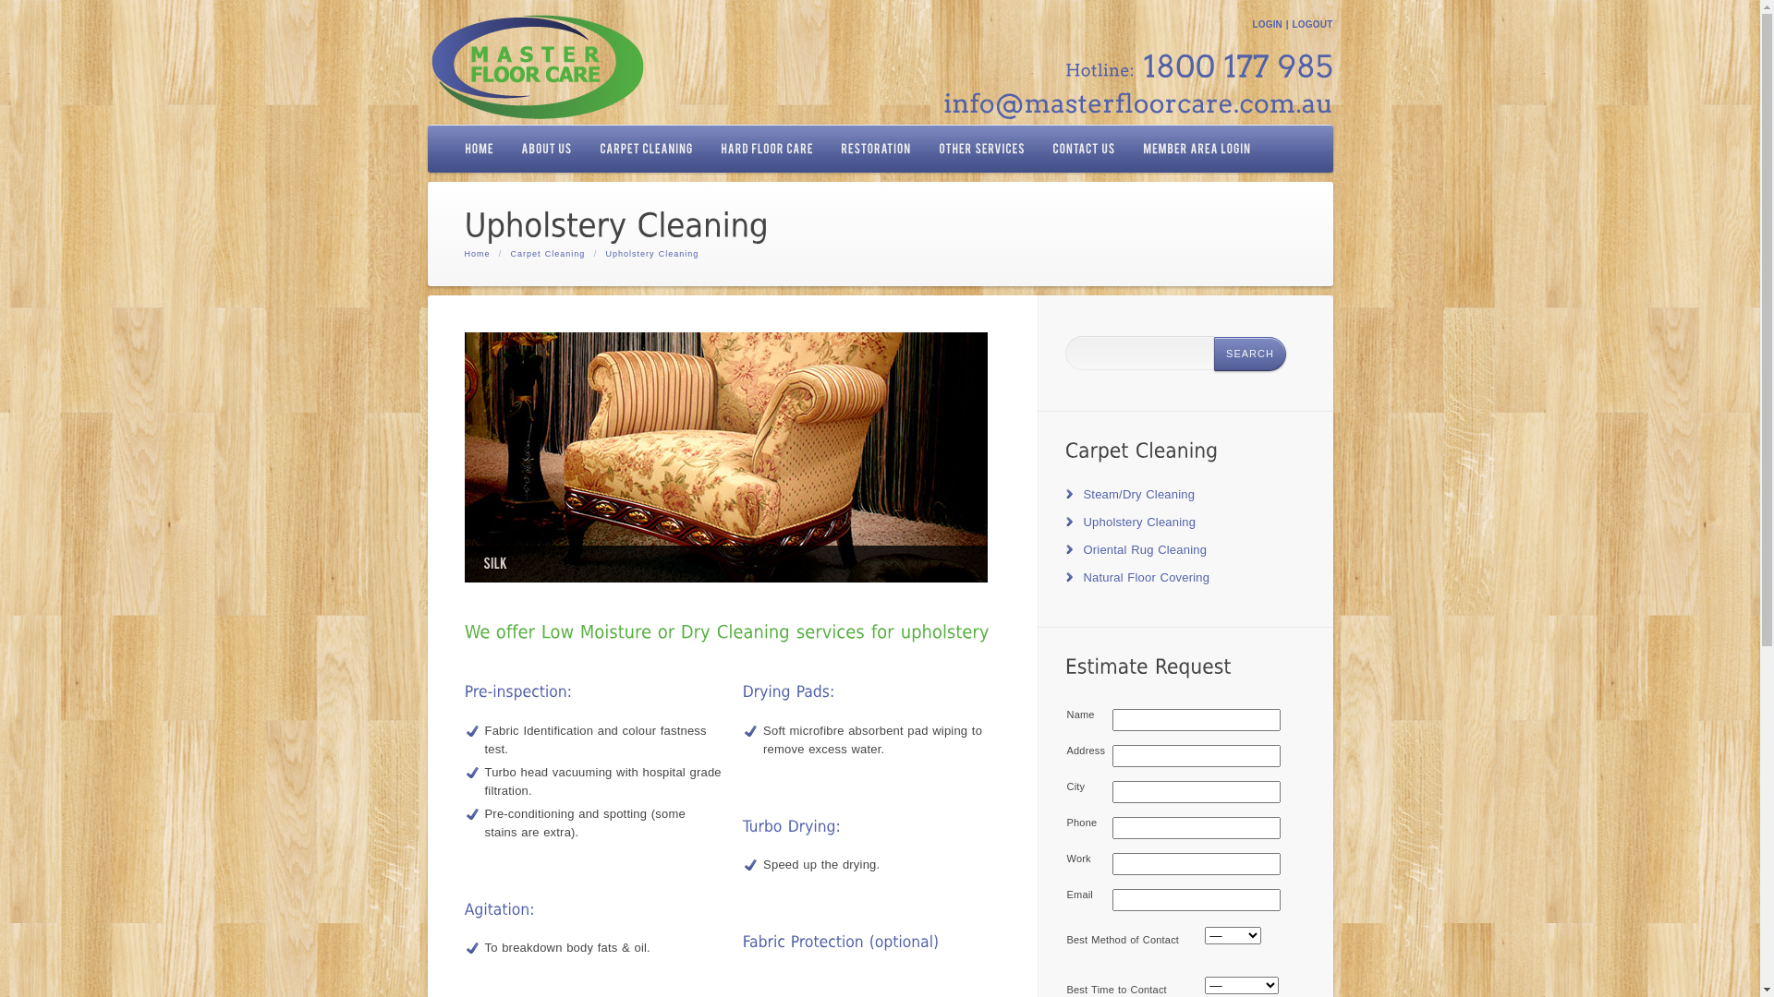 This screenshot has height=997, width=1774. Describe the element at coordinates (1266, 24) in the screenshot. I see `'LOGIN'` at that location.